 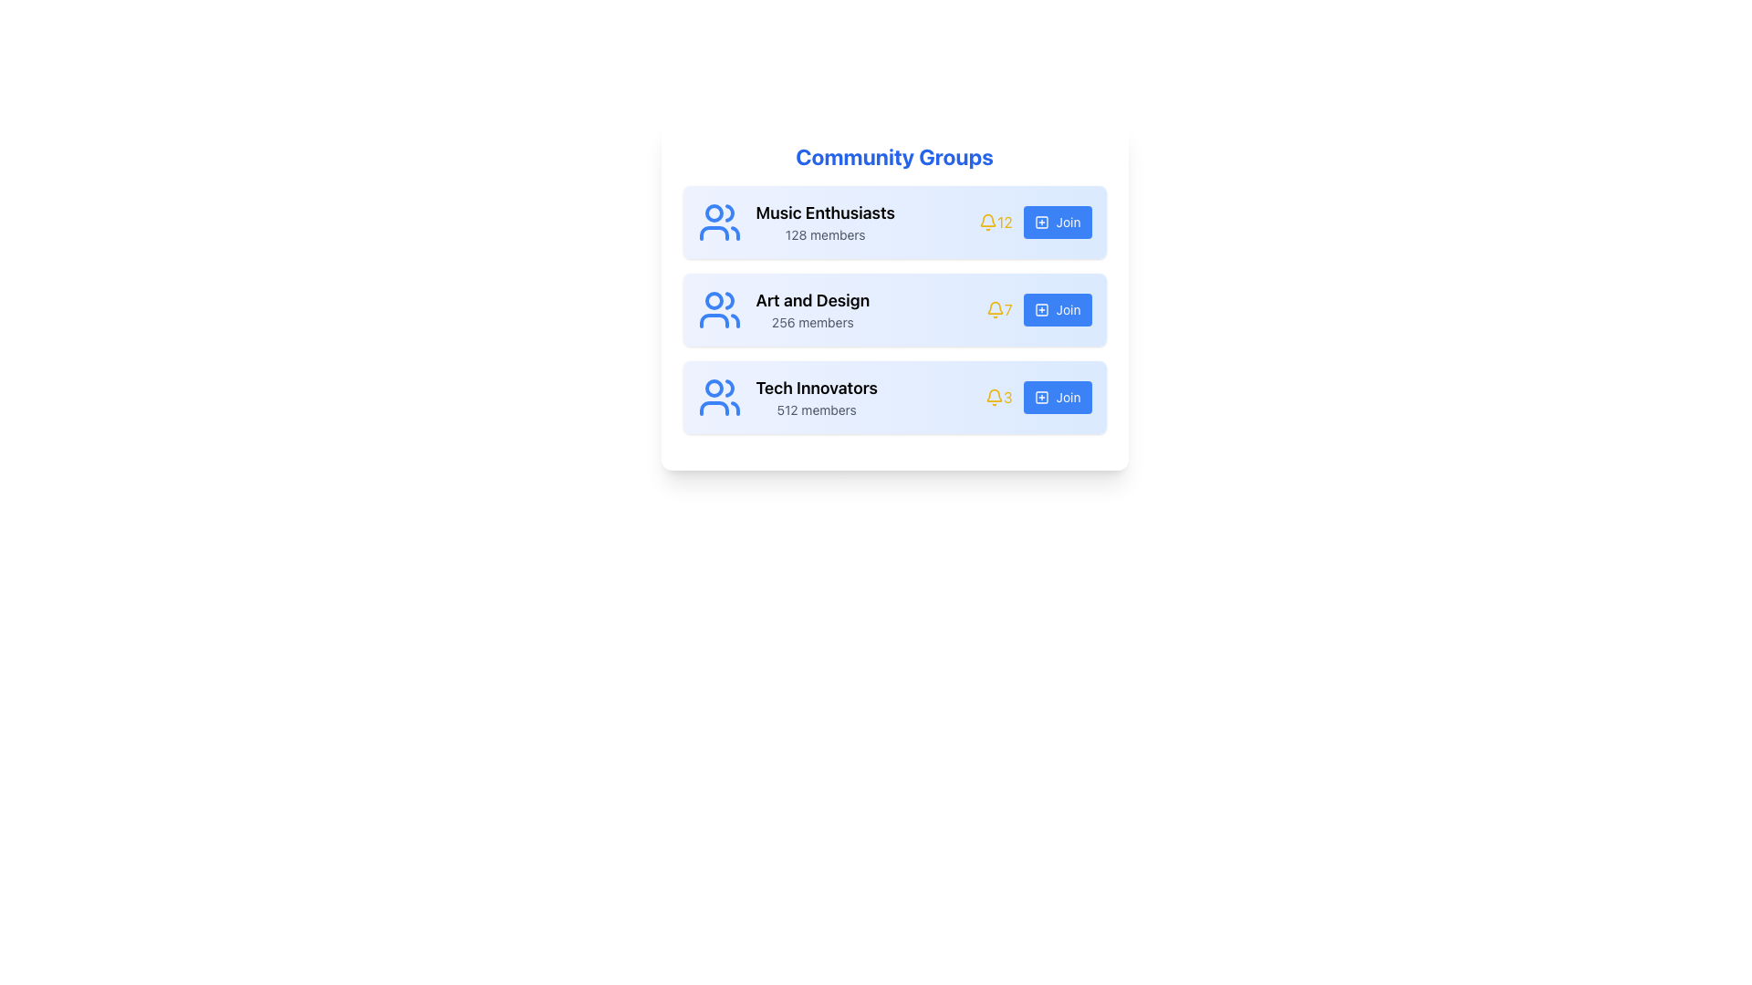 I want to click on the blue join button located in the 'Music Enthusiasts 128 members 12 Join' section, positioned to the right of the yellow notification count '12' and bell icon, to join the group, so click(x=1034, y=221).